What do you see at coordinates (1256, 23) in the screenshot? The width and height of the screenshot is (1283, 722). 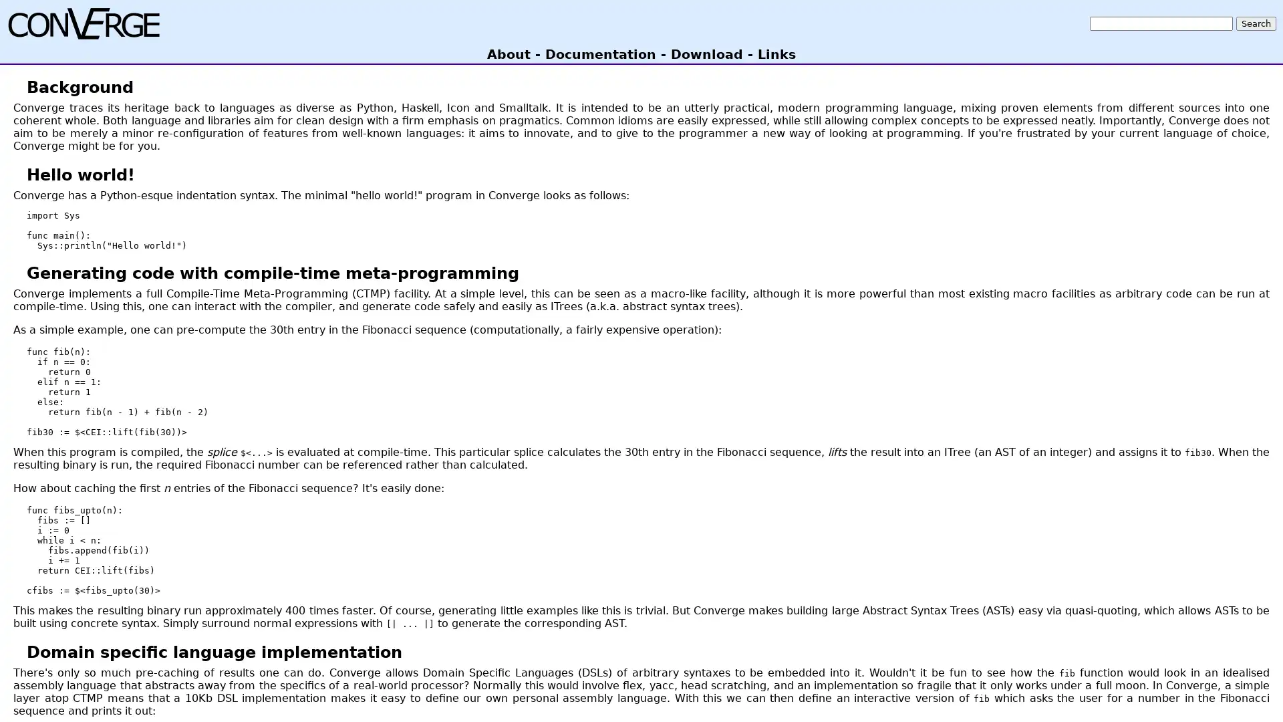 I see `Search` at bounding box center [1256, 23].